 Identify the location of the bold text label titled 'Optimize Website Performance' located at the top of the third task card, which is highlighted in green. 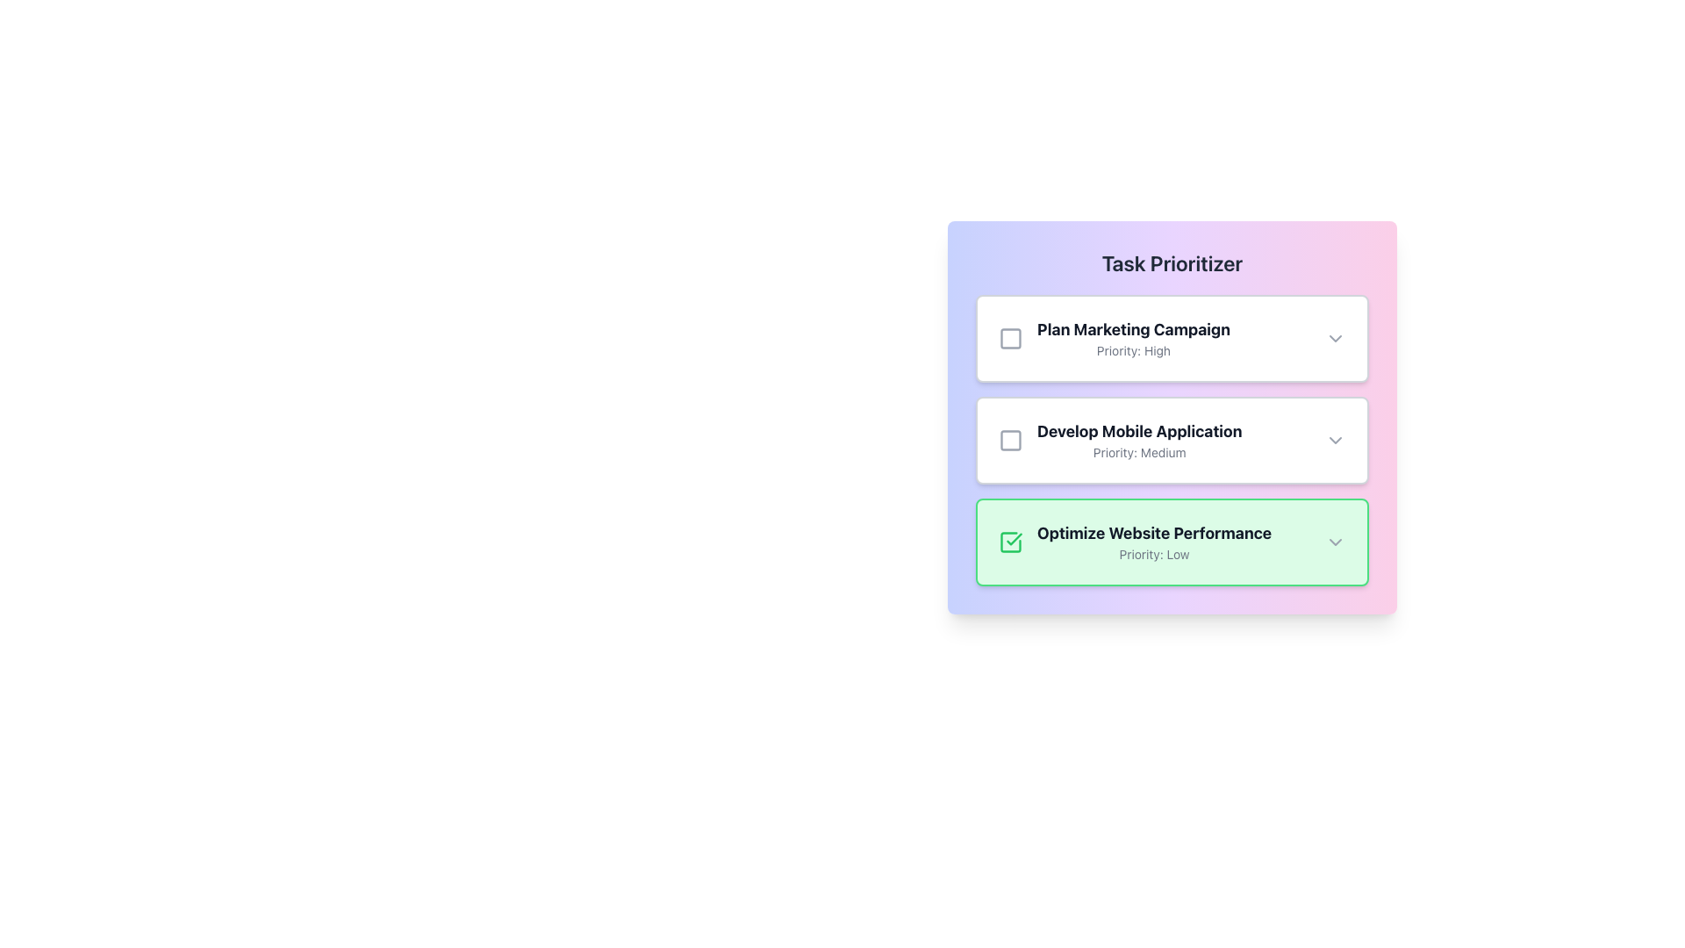
(1154, 533).